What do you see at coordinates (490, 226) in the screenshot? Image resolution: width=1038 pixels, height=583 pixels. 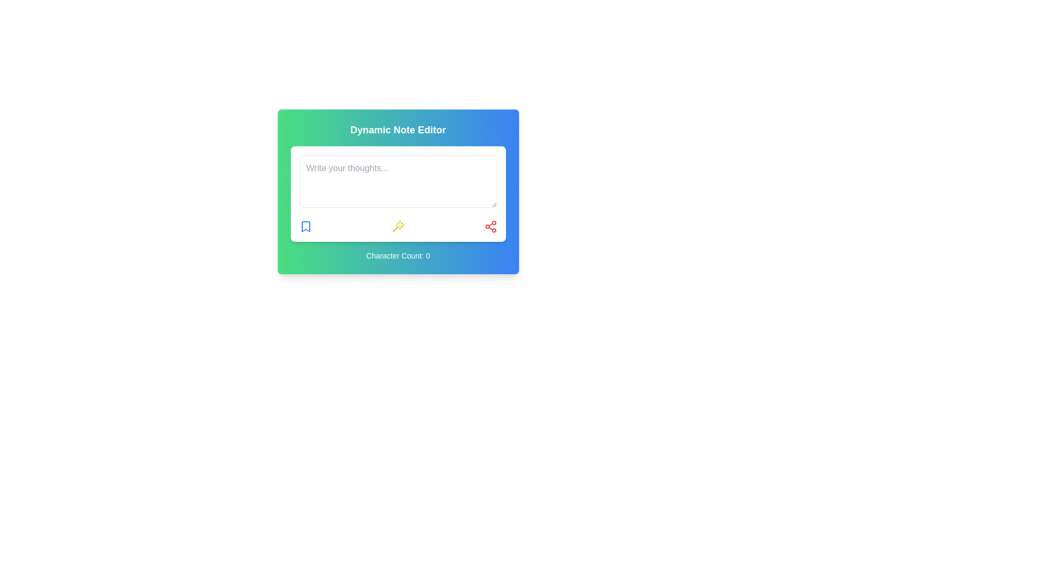 I see `the share icon button located in the bottom-right corner of the card, which is positioned next to a blue bookmark icon and a yellow wand icon` at bounding box center [490, 226].